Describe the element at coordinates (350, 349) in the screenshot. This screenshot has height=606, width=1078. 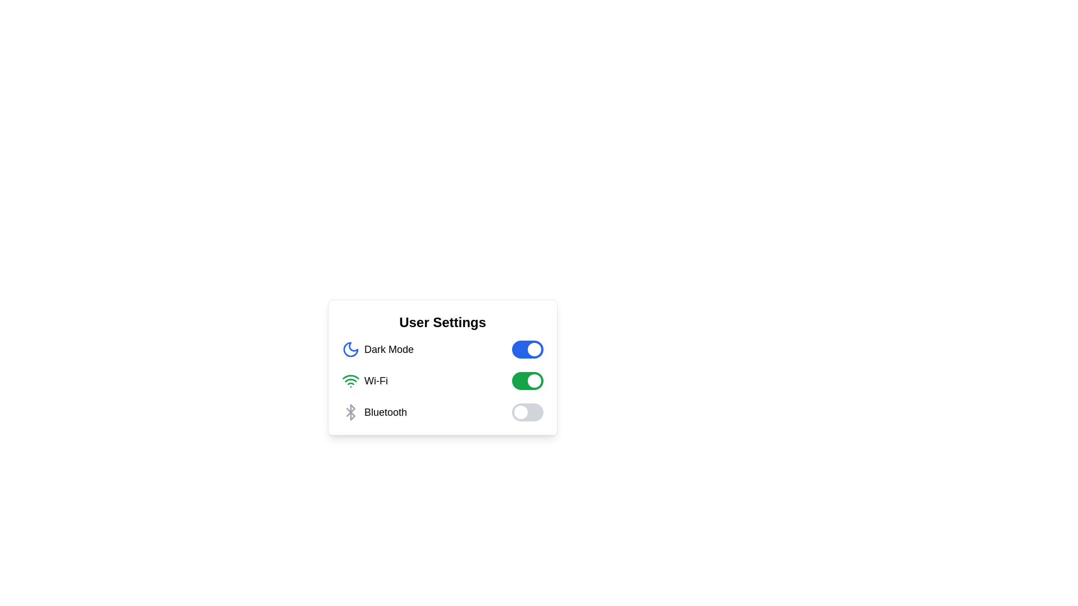
I see `the 'Dark Mode' icon in the User Settings menu, which is positioned to the left of the 'Dark Mode' label` at that location.